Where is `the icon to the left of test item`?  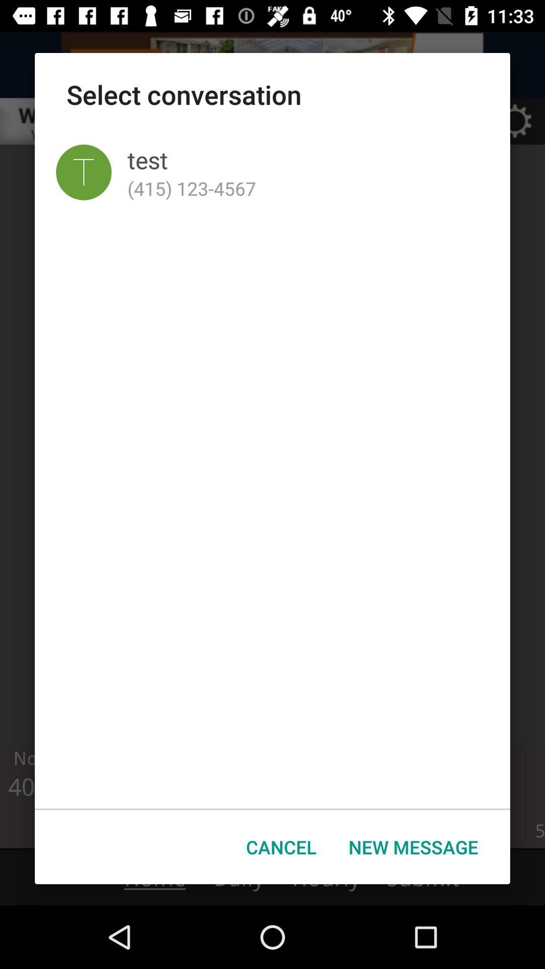
the icon to the left of test item is located at coordinates (83, 172).